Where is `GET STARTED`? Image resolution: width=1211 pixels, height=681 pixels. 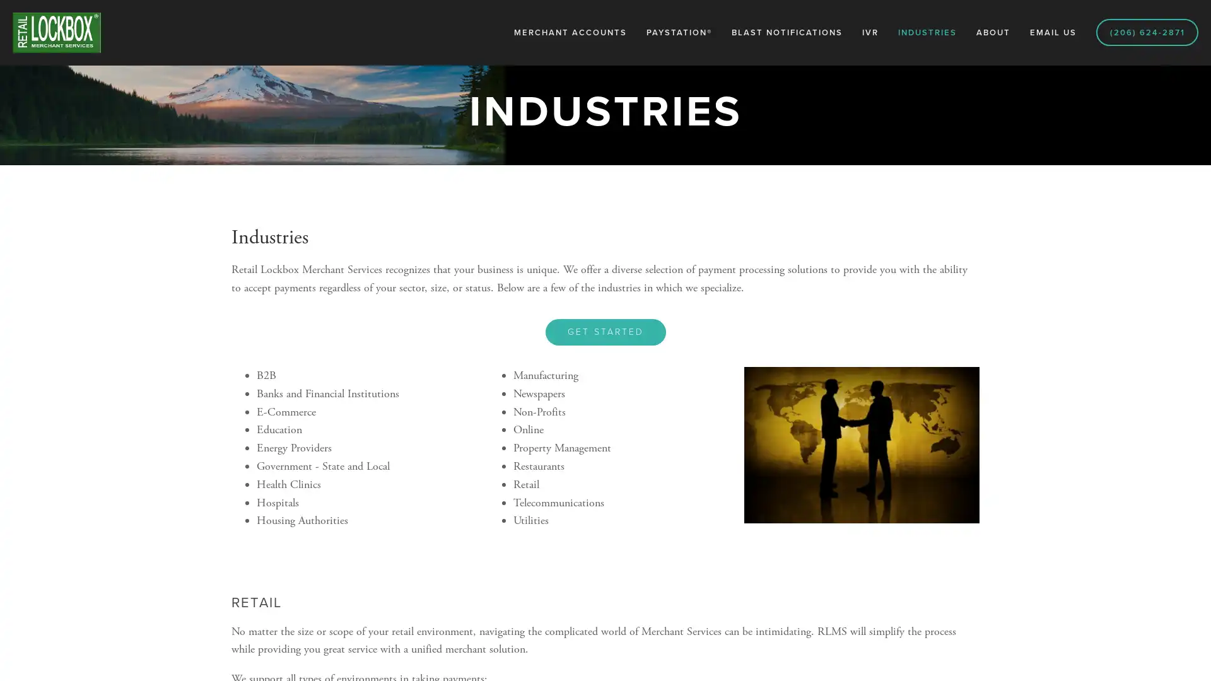 GET STARTED is located at coordinates (604, 330).